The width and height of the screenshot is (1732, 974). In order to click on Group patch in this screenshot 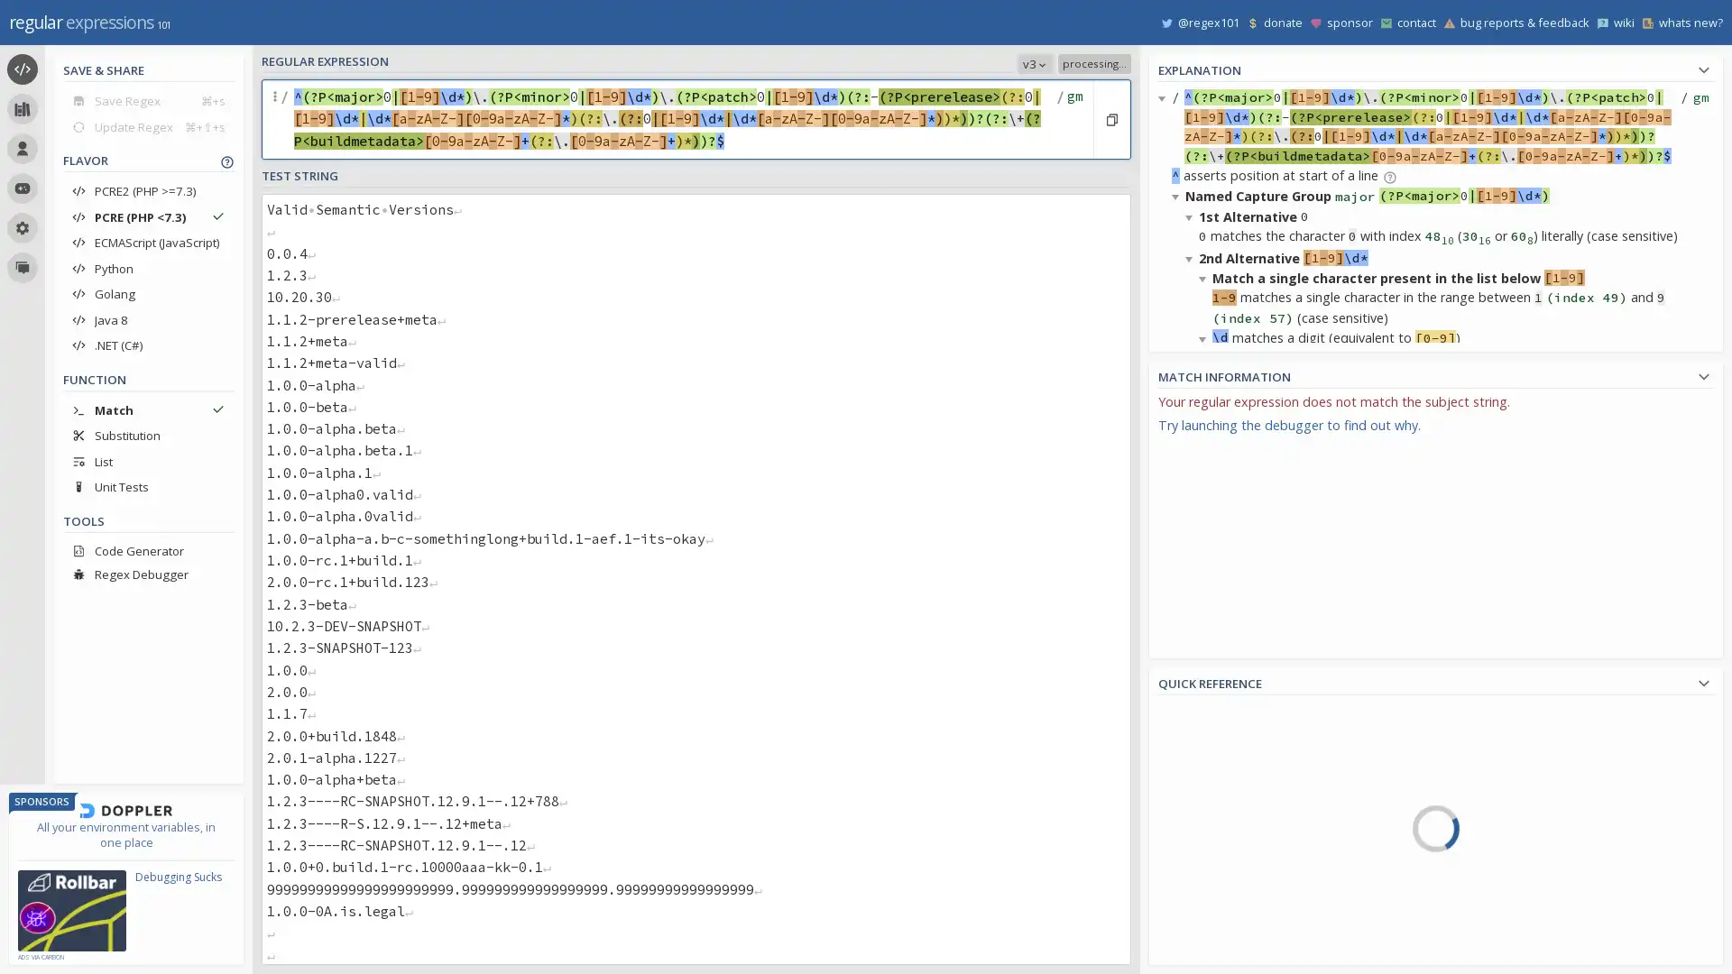, I will do `click(1238, 956)`.